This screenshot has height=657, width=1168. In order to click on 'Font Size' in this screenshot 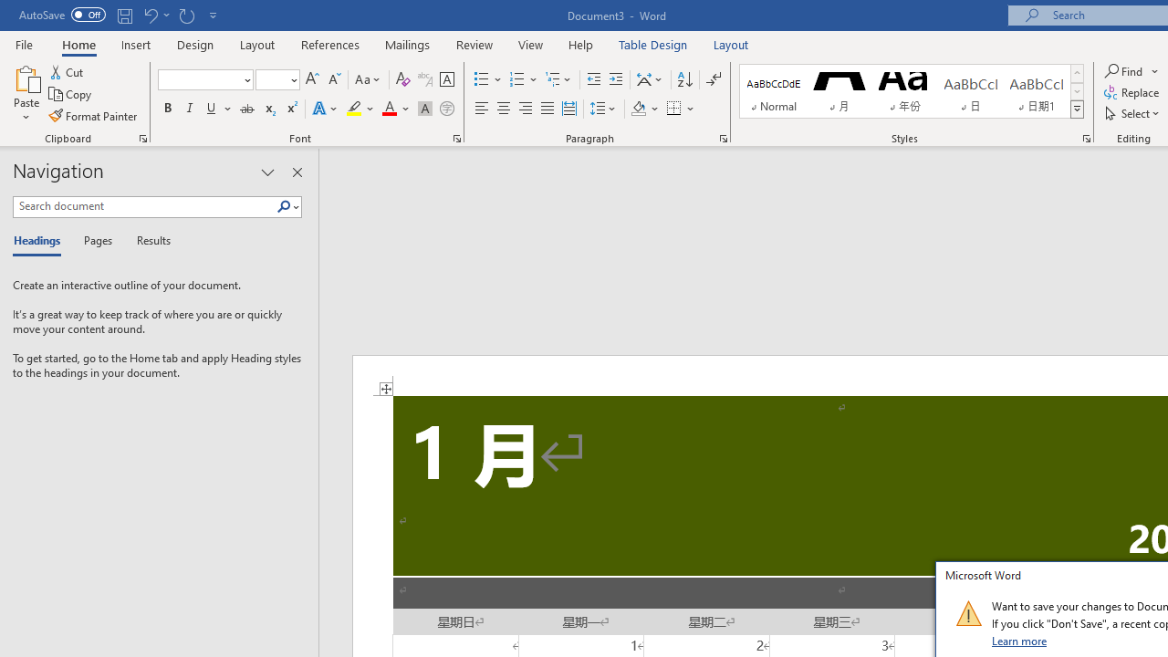, I will do `click(276, 78)`.